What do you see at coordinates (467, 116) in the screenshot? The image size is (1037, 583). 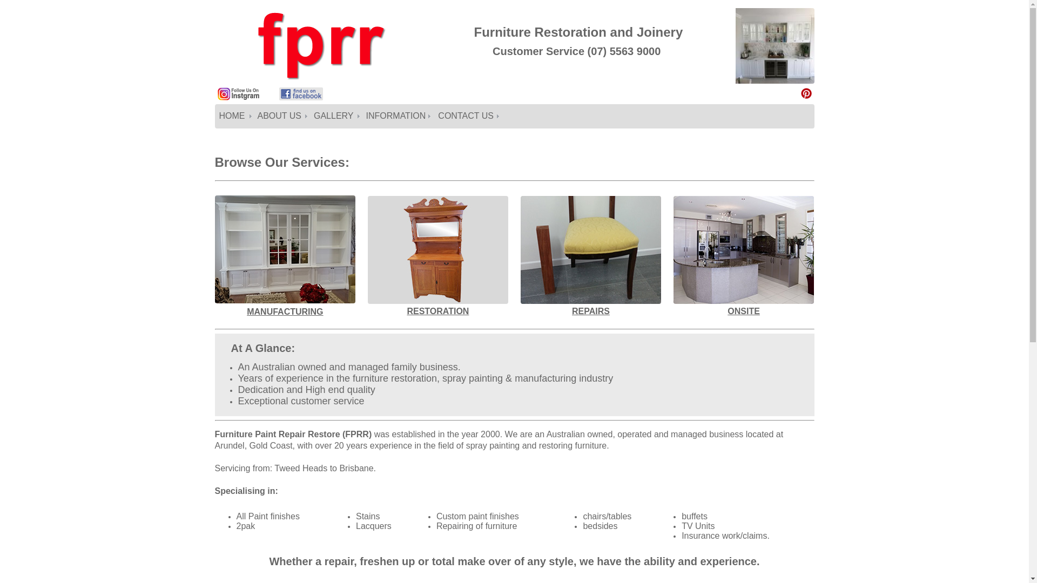 I see `'CONTACT US'` at bounding box center [467, 116].